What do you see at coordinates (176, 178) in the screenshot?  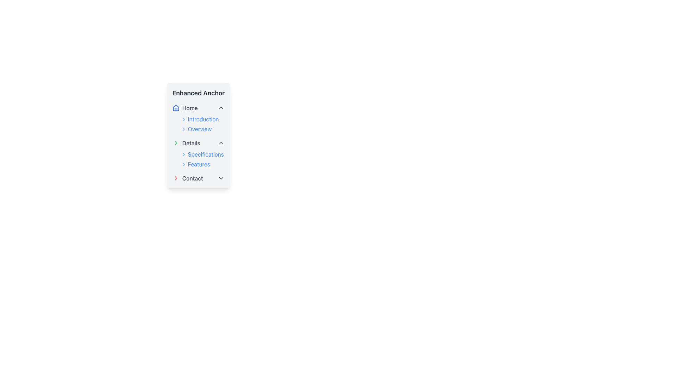 I see `the red chevron icon pointing right located in the 'Contact' section` at bounding box center [176, 178].